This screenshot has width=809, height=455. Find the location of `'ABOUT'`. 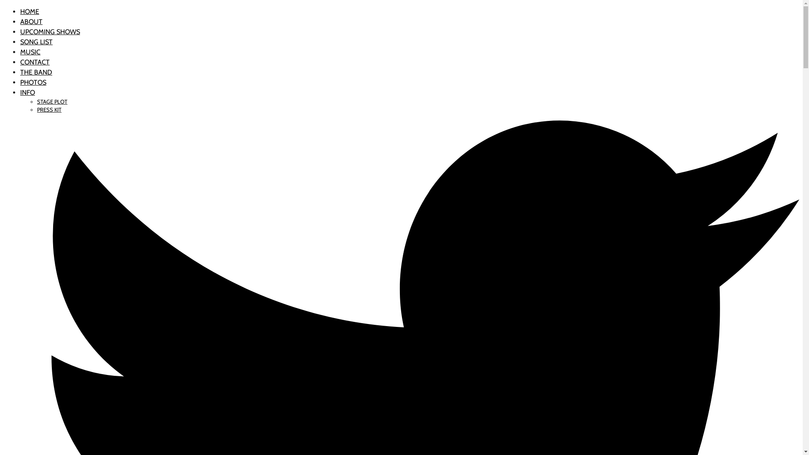

'ABOUT' is located at coordinates (31, 21).